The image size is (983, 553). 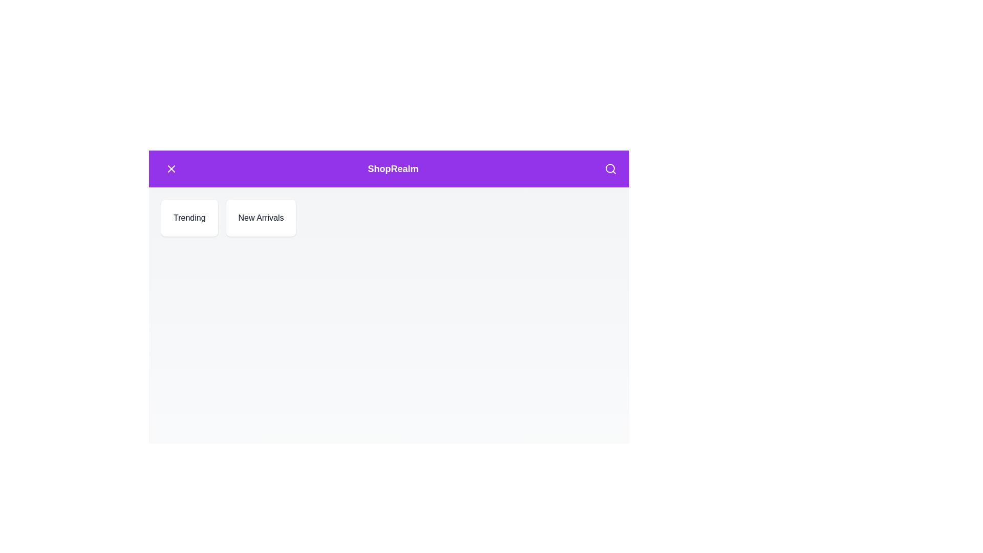 I want to click on the 'Trending' button to explore trending items, so click(x=189, y=217).